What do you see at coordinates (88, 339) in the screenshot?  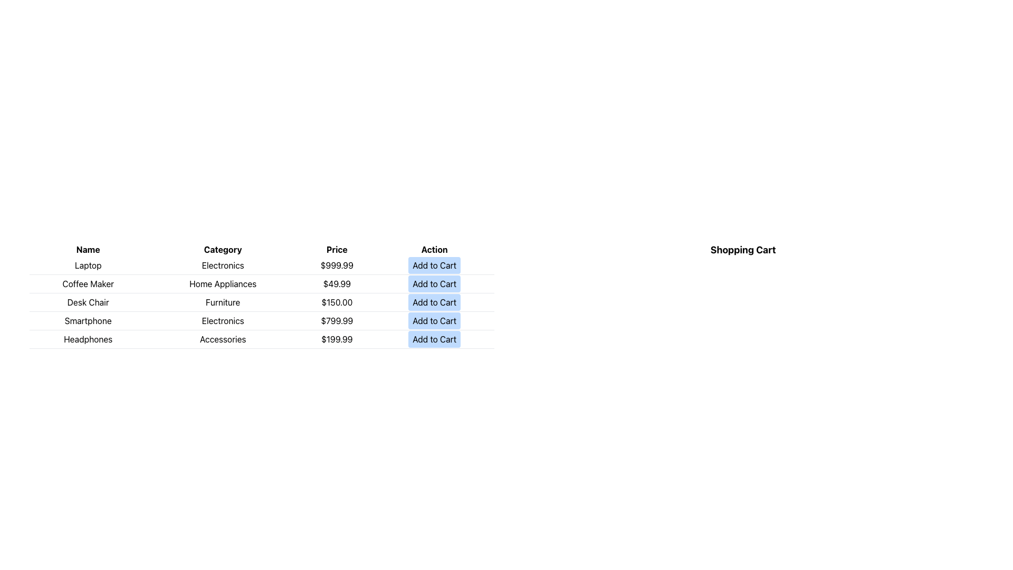 I see `text label displaying 'Headphones' located in the leftmost cell of the fifth row under the 'Name' column in the table` at bounding box center [88, 339].